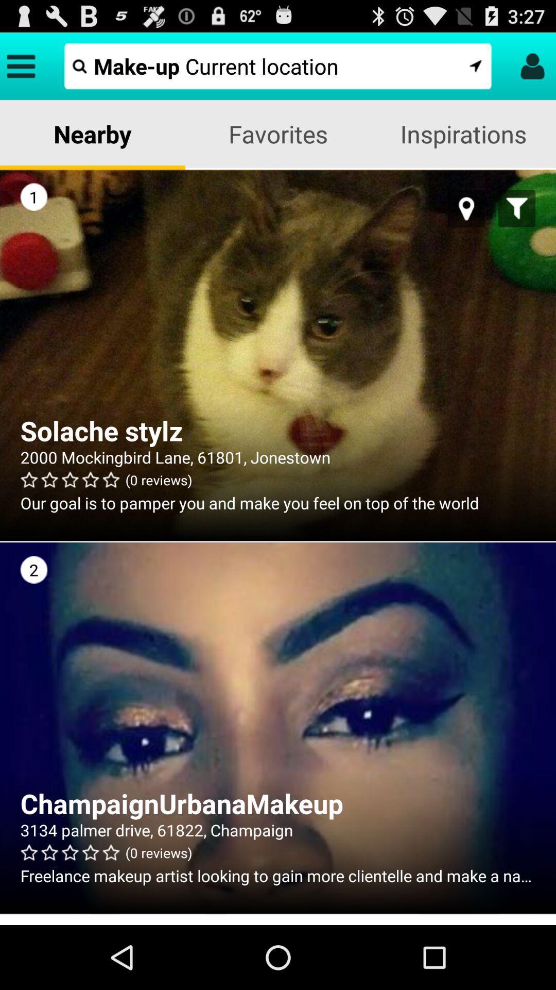  Describe the element at coordinates (93, 133) in the screenshot. I see `the app to the left of the favorites app` at that location.